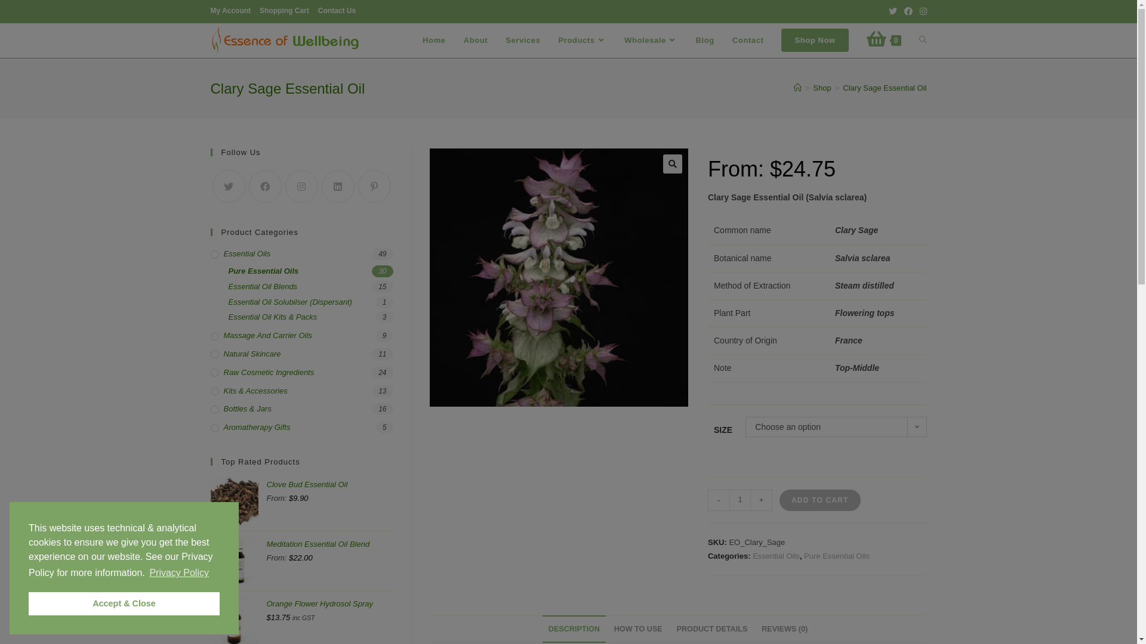  What do you see at coordinates (705, 40) in the screenshot?
I see `'Blog'` at bounding box center [705, 40].